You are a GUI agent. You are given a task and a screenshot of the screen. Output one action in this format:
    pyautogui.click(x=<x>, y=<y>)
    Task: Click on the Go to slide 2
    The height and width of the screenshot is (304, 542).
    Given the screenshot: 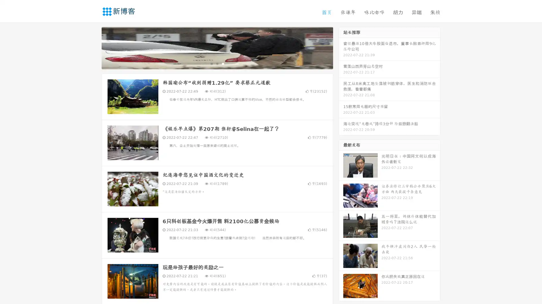 What is the action you would take?
    pyautogui.click(x=217, y=63)
    